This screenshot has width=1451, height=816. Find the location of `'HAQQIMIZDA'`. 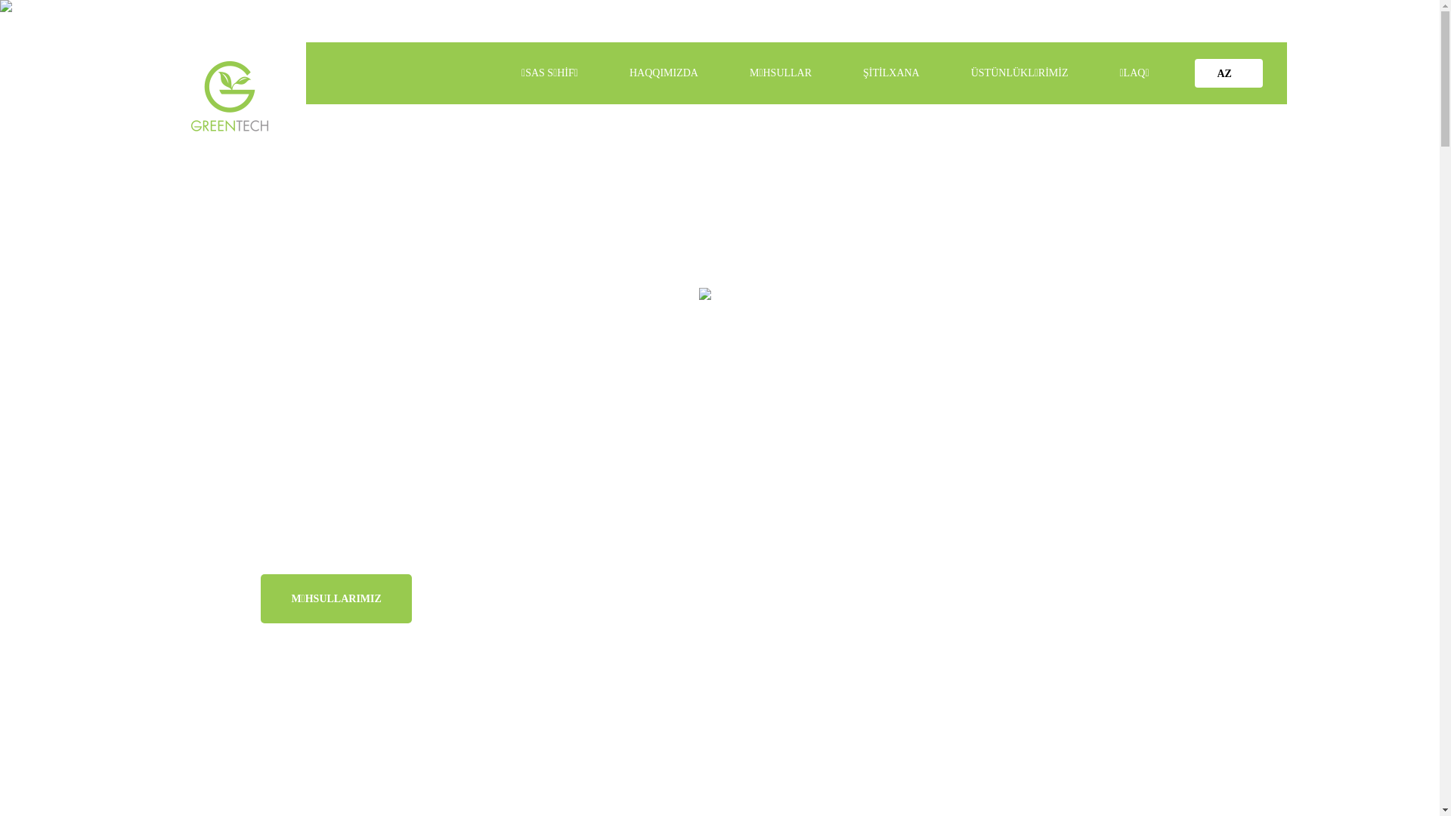

'HAQQIMIZDA' is located at coordinates (664, 73).